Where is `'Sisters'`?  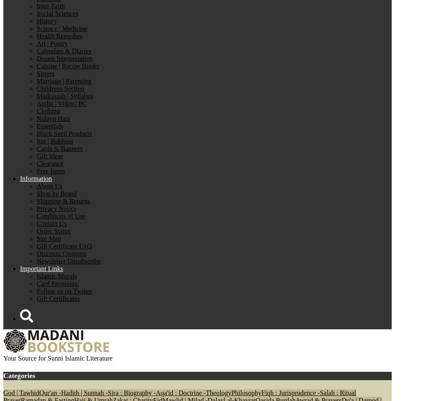 'Sisters' is located at coordinates (45, 73).